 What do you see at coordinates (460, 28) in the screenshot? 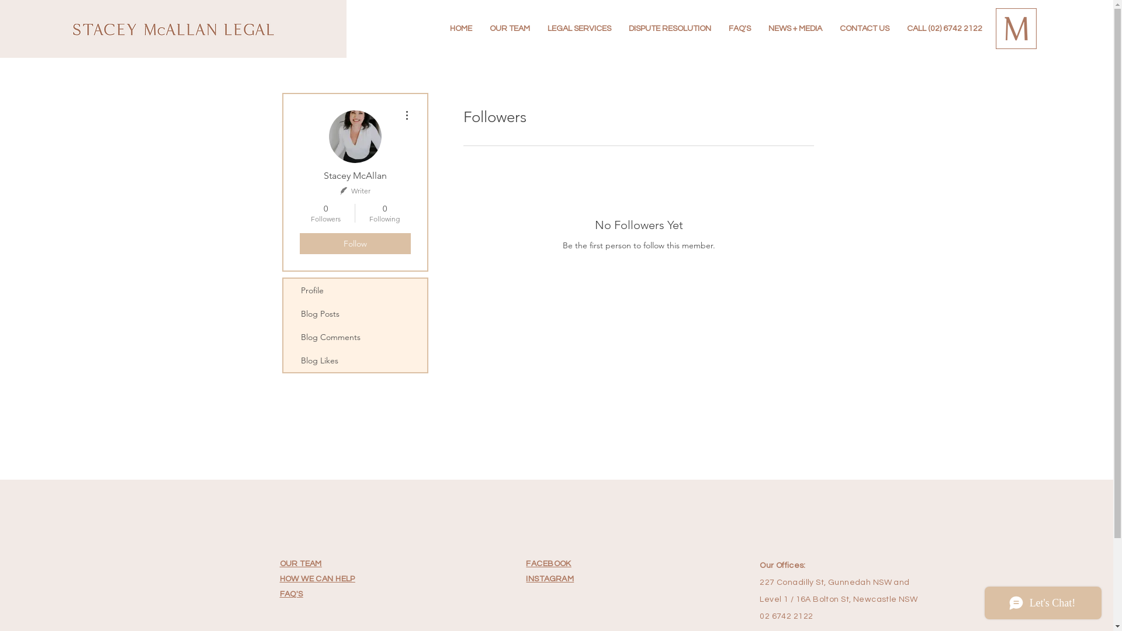
I see `'HOME'` at bounding box center [460, 28].